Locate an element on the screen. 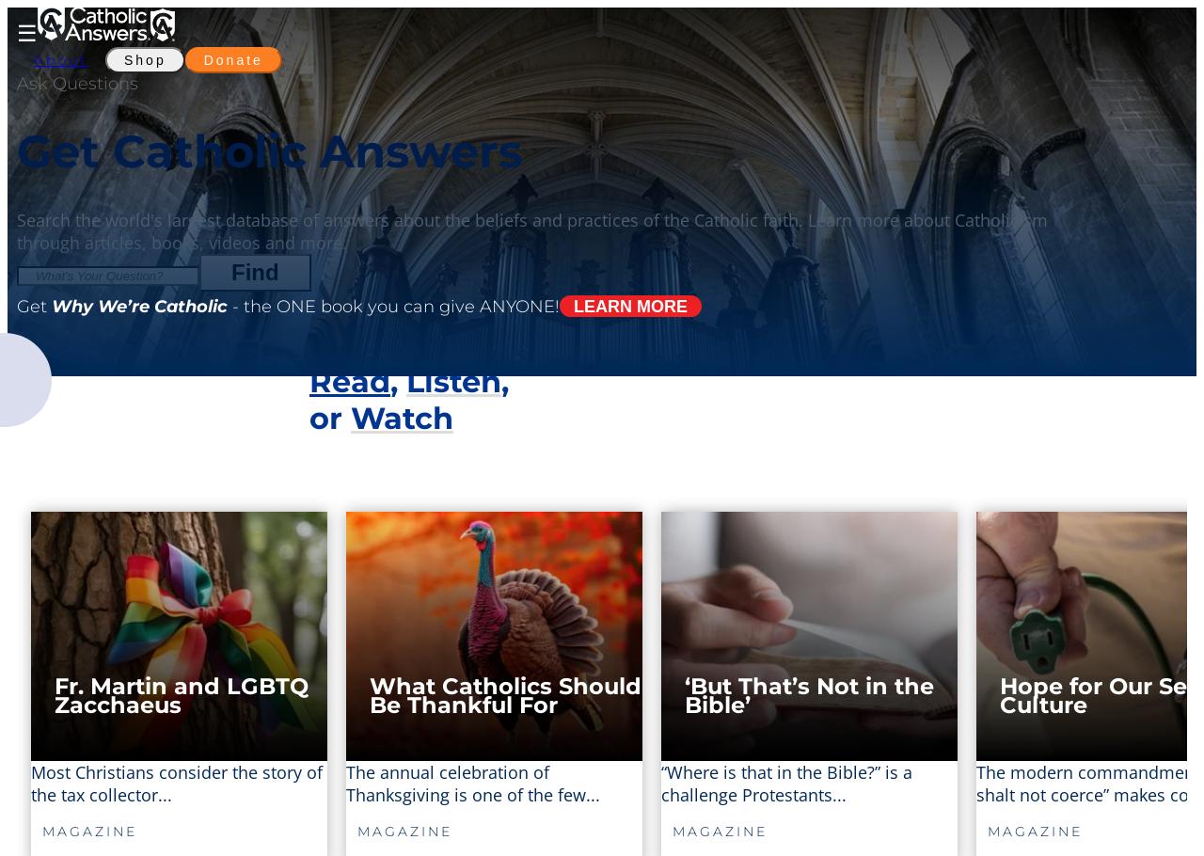 The image size is (1204, 856). 'Search the world's largest database of answers about the beliefs and practices of the Catholic faith. Learn more about Catholicism through articles, books, videos and more.' is located at coordinates (531, 230).